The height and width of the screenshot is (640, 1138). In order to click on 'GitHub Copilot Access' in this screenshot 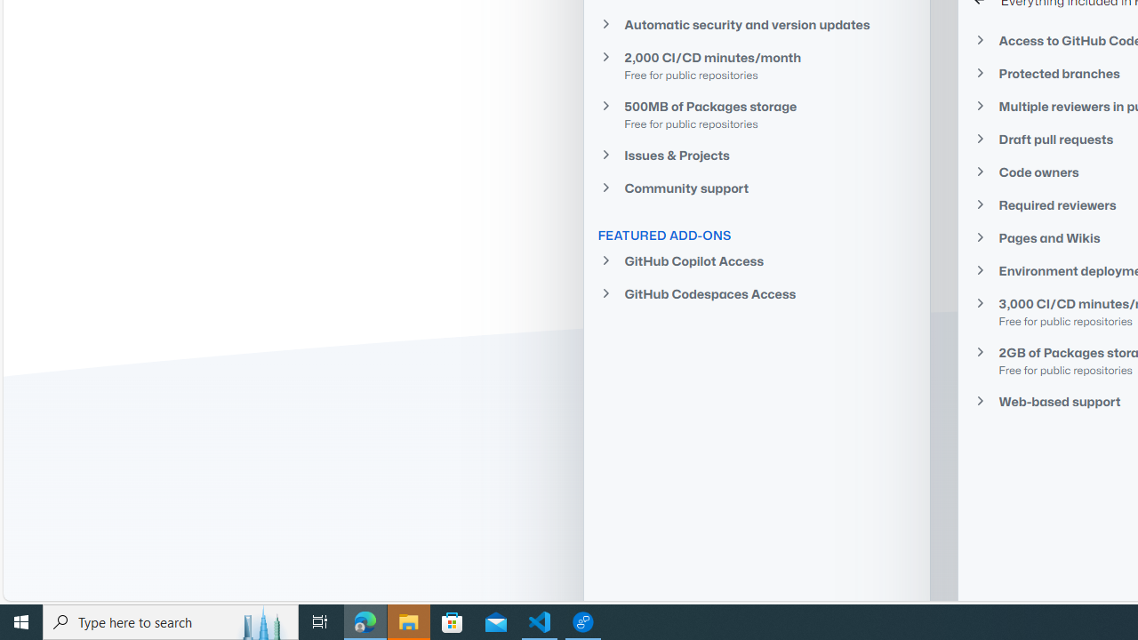, I will do `click(757, 261)`.